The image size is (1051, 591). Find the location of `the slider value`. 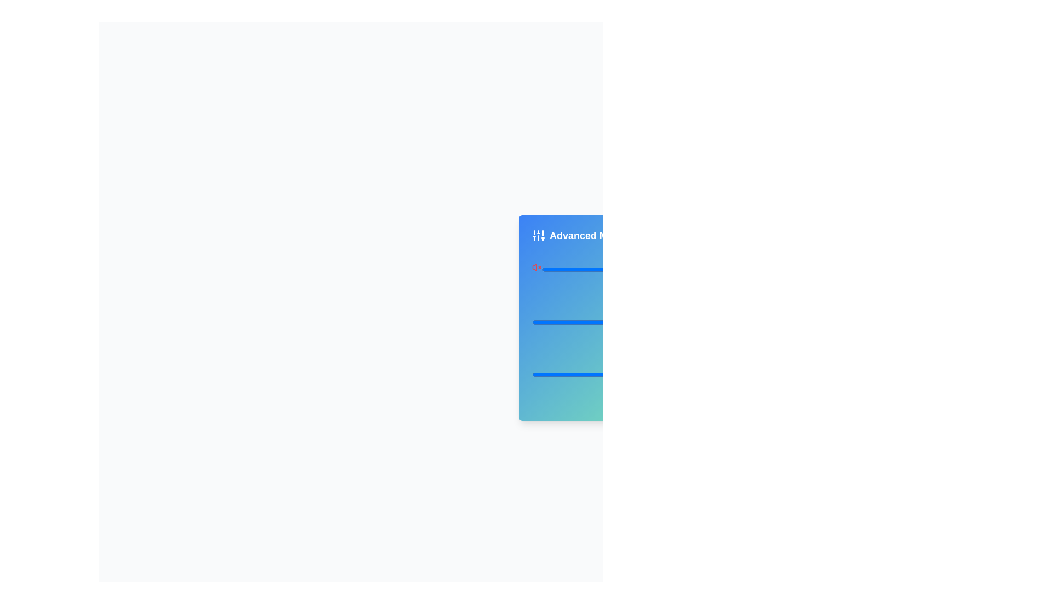

the slider value is located at coordinates (597, 265).